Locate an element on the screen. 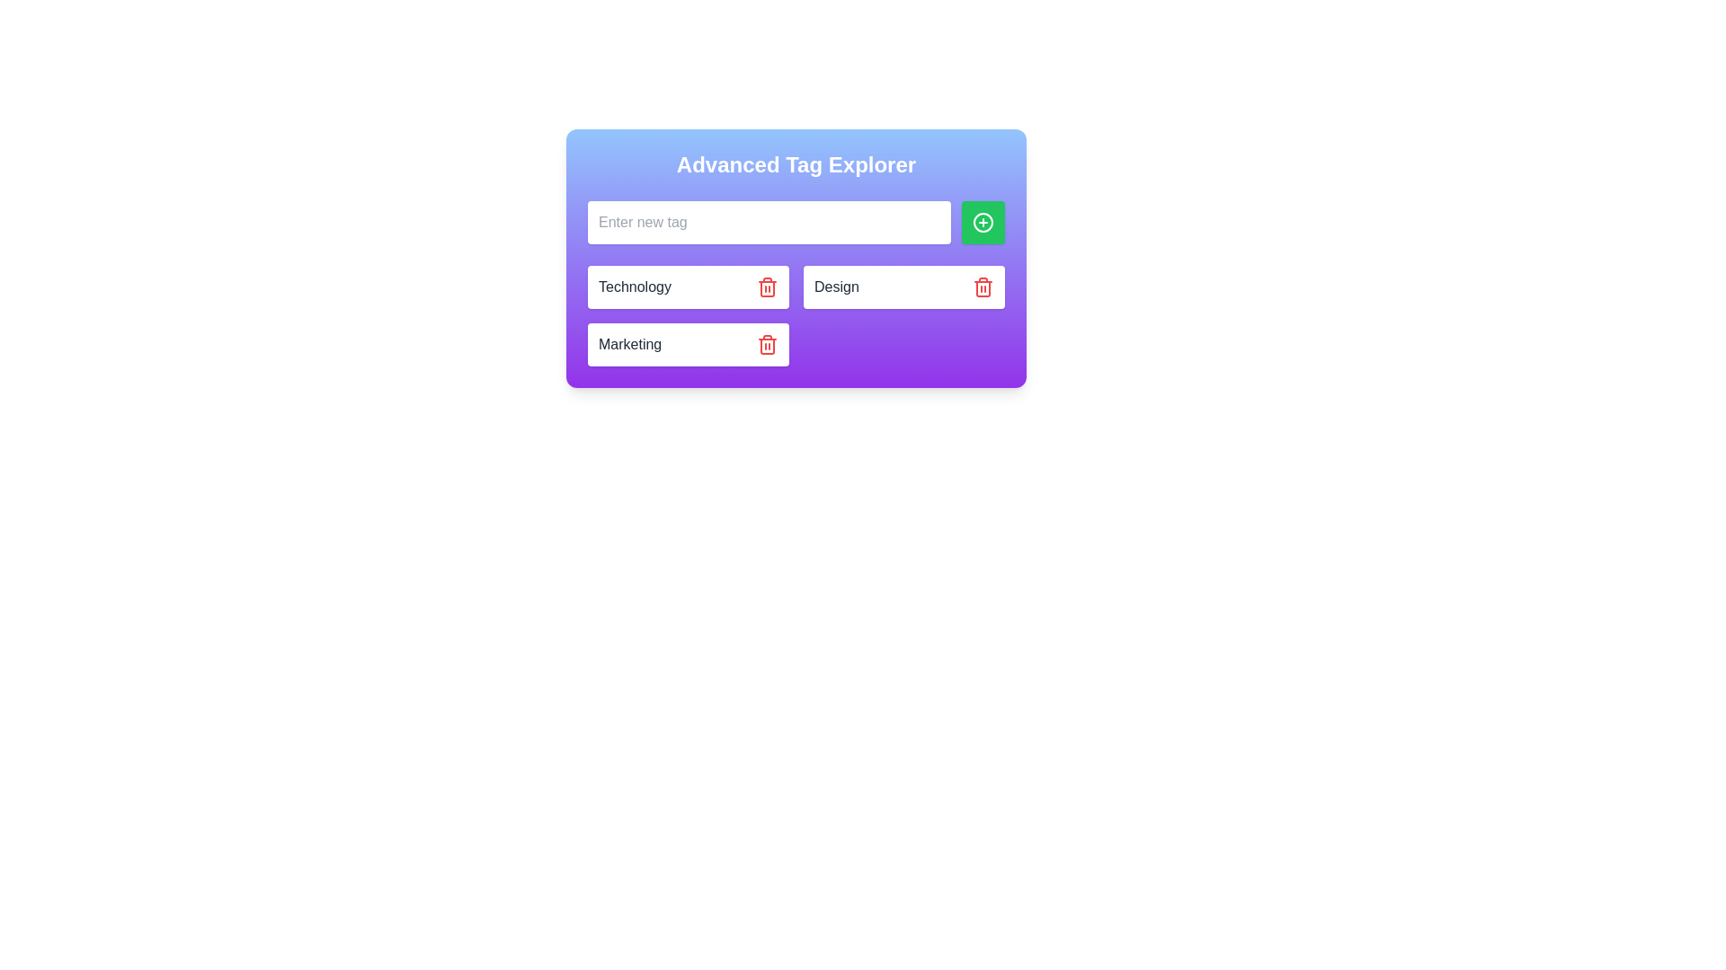  the 'Design' text label, which is displayed in dark gray or black within a rectangular box that has a white background and rounded corners, located in the middle of a vertical list of similar elements is located at coordinates (835, 287).